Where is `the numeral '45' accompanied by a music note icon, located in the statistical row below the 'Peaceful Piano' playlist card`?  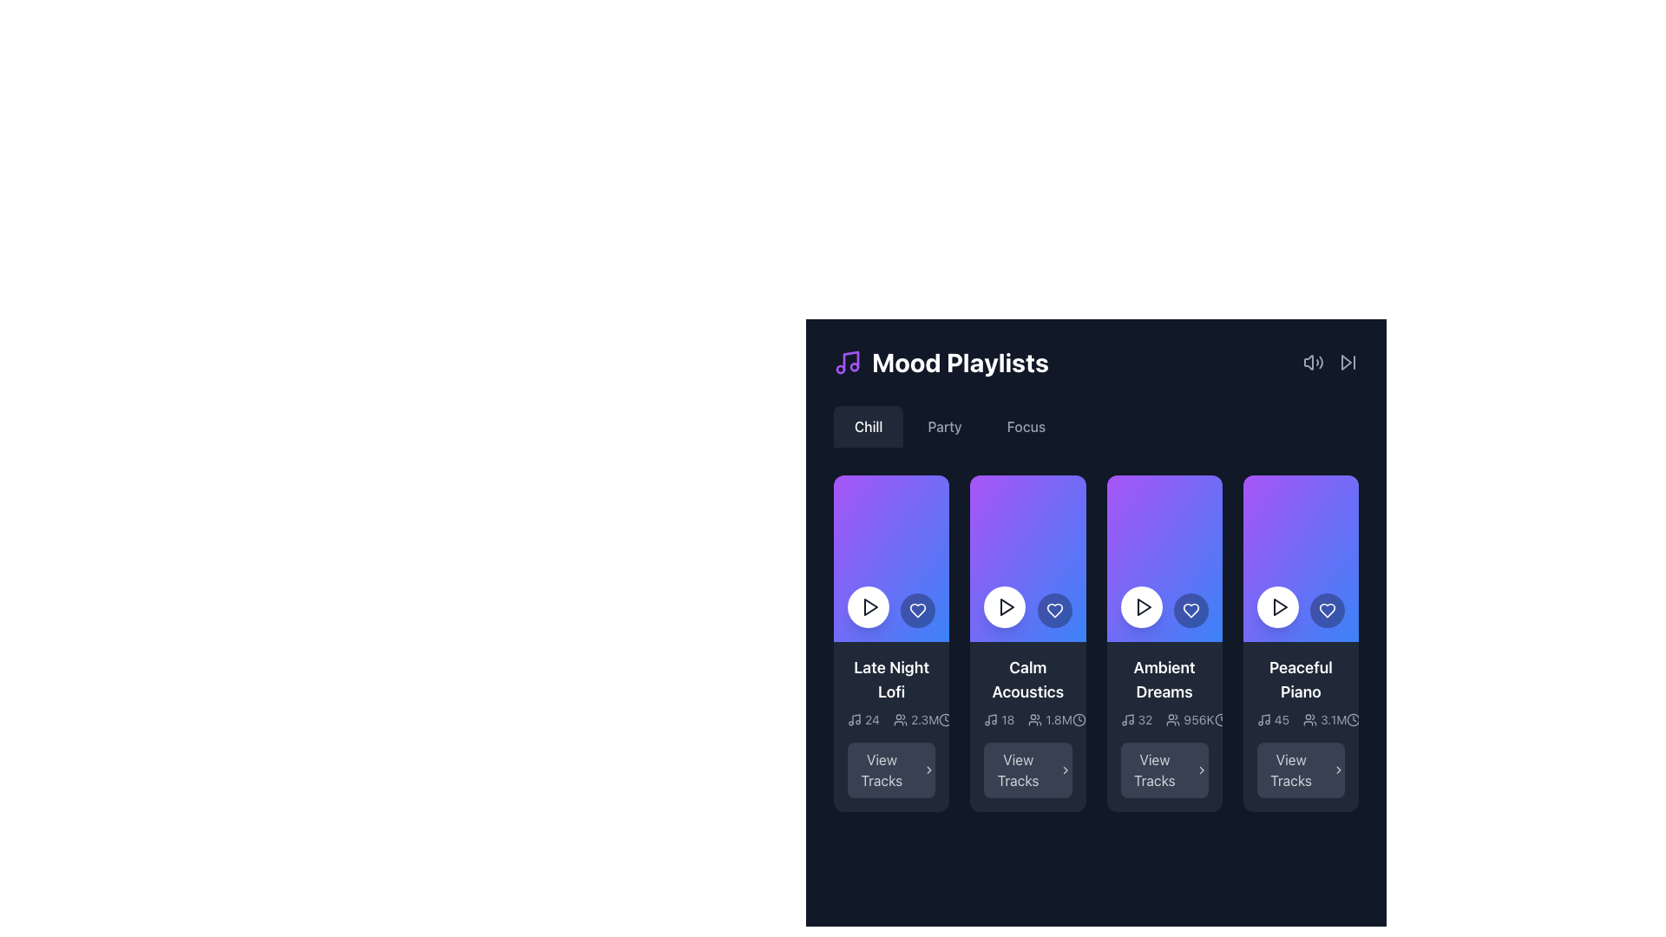
the numeral '45' accompanied by a music note icon, located in the statistical row below the 'Peaceful Piano' playlist card is located at coordinates (1273, 719).